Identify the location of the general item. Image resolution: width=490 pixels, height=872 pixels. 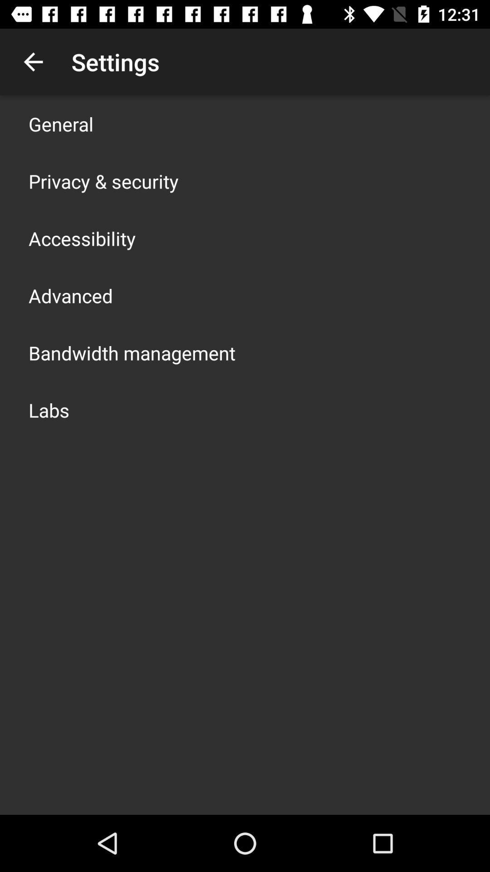
(61, 124).